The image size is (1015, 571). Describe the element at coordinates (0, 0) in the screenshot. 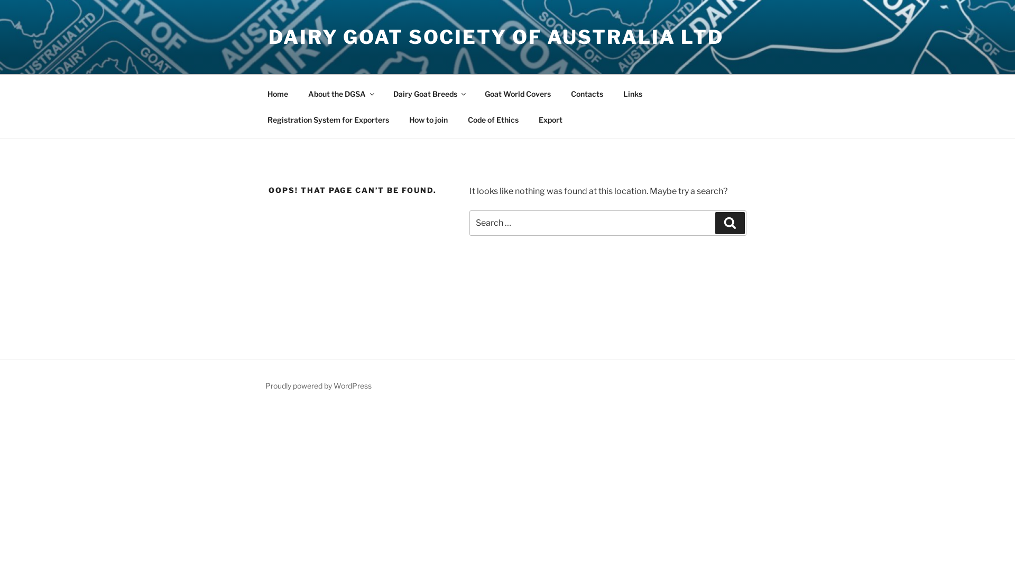

I see `'Skip to content'` at that location.